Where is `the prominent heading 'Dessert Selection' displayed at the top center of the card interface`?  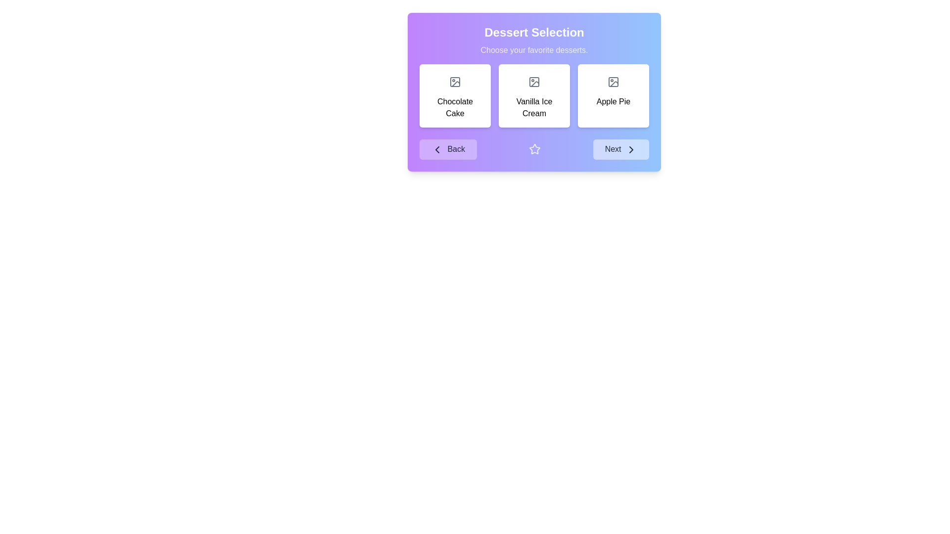
the prominent heading 'Dessert Selection' displayed at the top center of the card interface is located at coordinates (534, 32).